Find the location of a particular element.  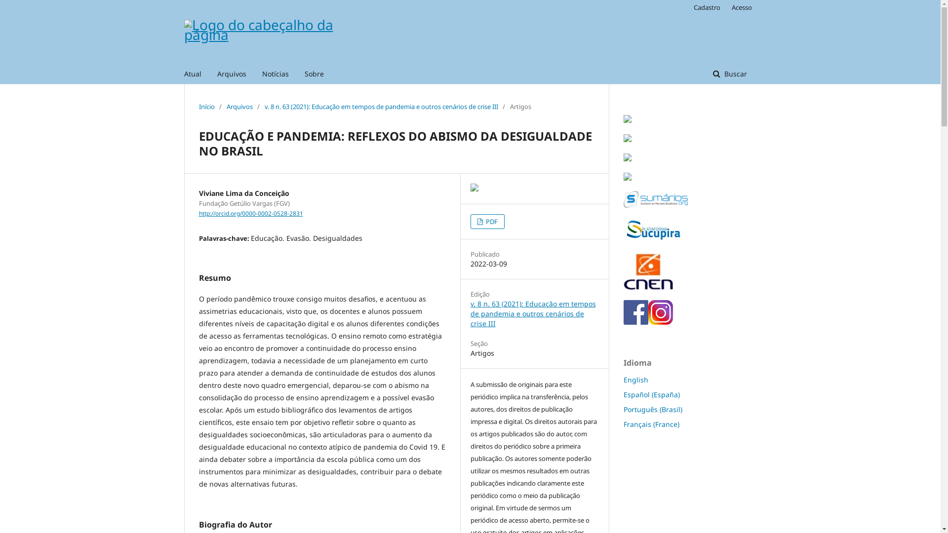

'Arquivos' is located at coordinates (239, 107).